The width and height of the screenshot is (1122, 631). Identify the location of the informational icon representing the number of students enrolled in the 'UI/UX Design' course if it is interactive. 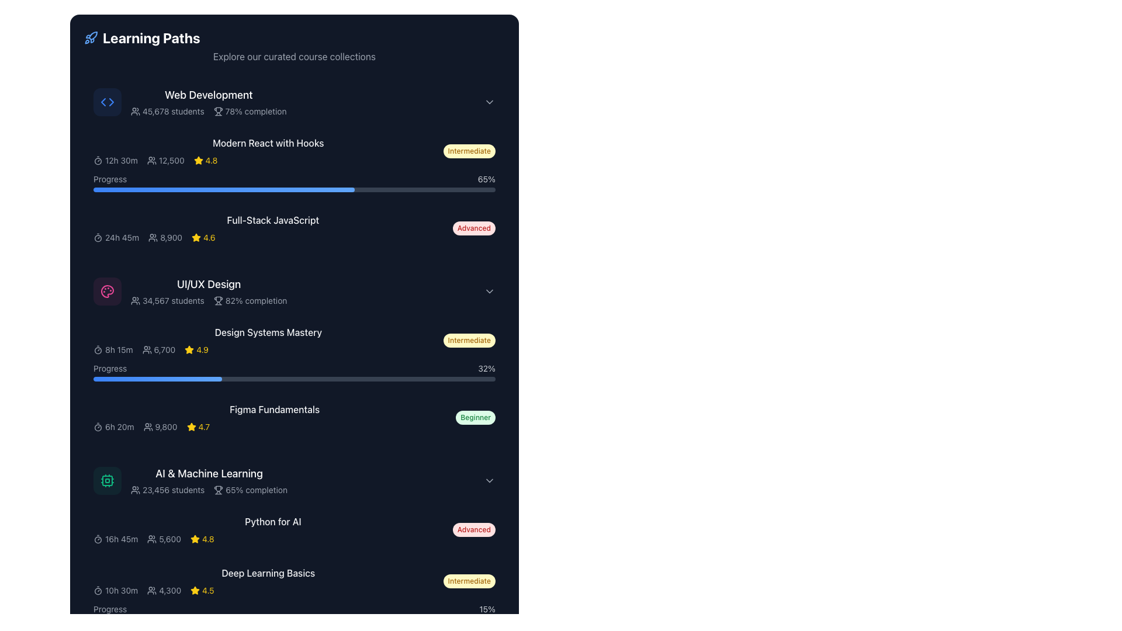
(135, 300).